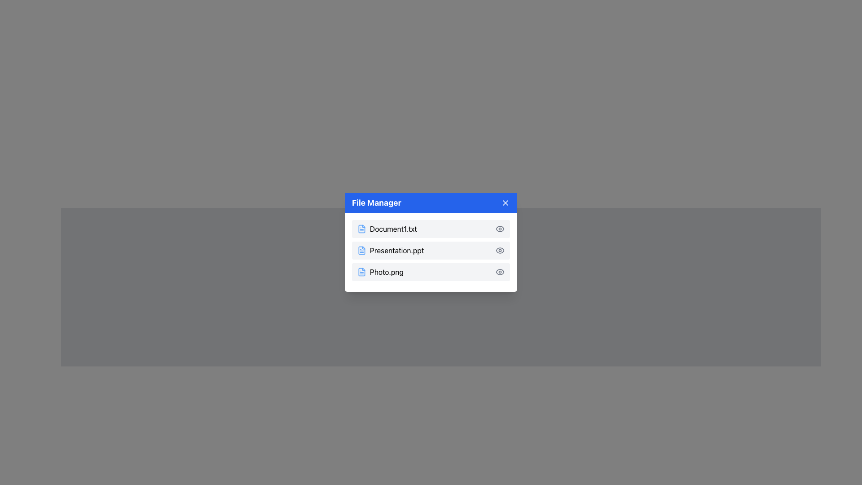  What do you see at coordinates (431, 271) in the screenshot?
I see `the 'Photo.png' file entry row` at bounding box center [431, 271].